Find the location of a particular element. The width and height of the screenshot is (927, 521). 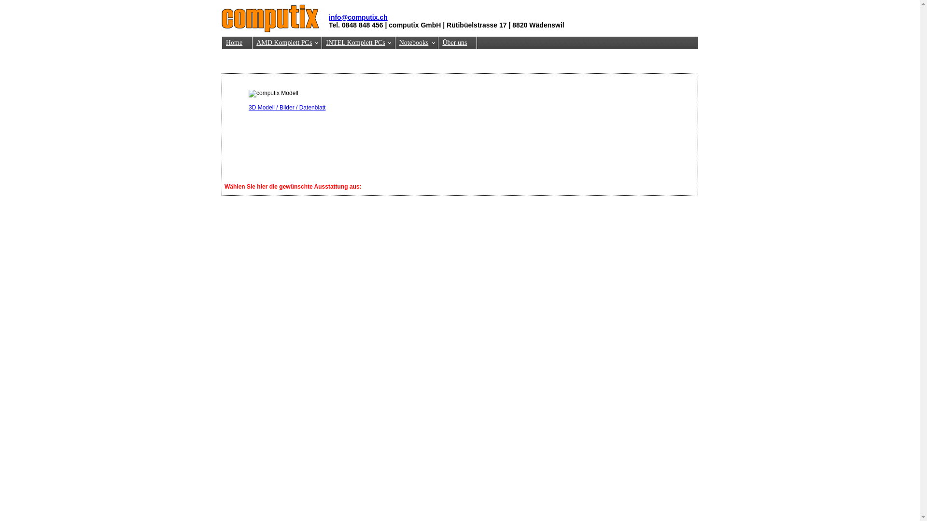

'Notebooks' is located at coordinates (417, 42).